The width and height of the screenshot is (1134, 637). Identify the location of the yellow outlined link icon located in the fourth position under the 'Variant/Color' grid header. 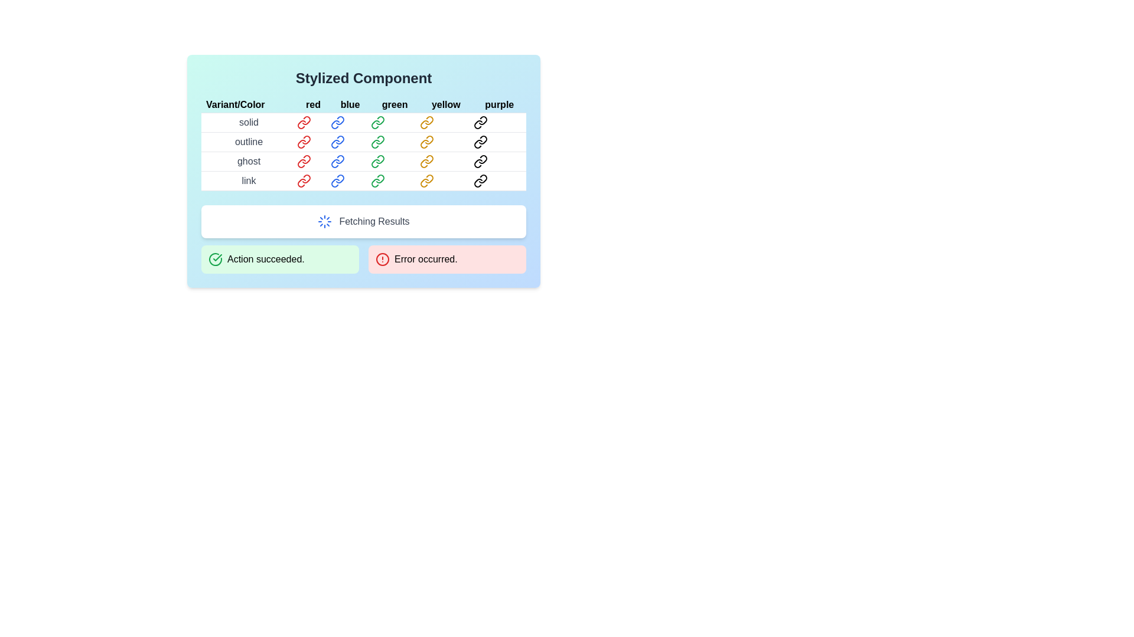
(426, 141).